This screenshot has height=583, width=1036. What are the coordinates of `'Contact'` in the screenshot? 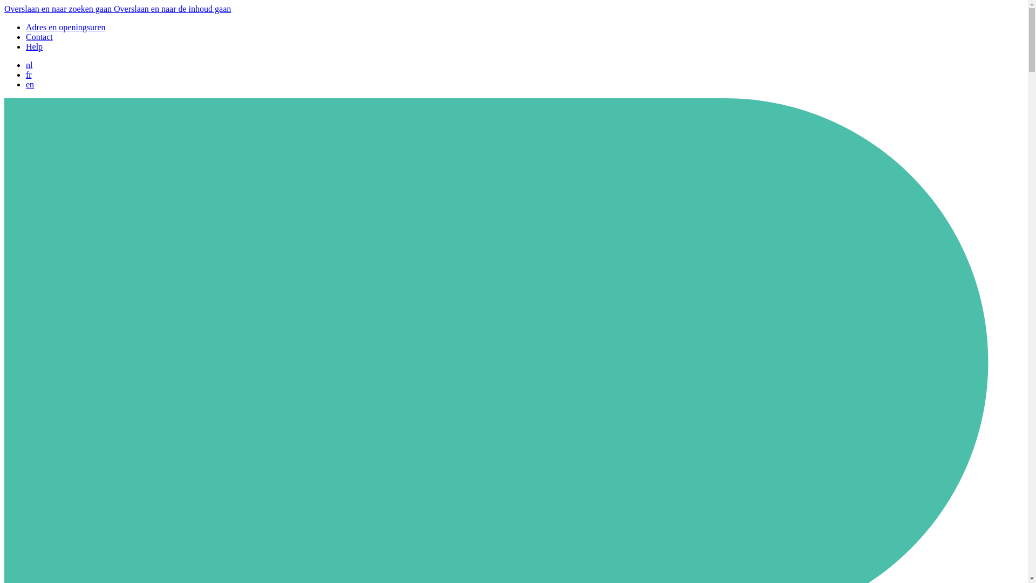 It's located at (39, 36).